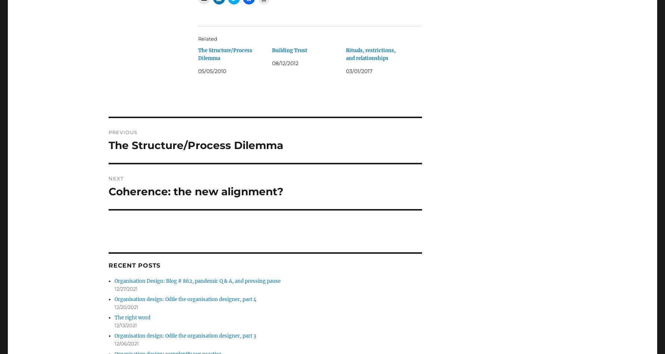  I want to click on 'Organisation design: Odile the organisation designer, part 3', so click(185, 335).